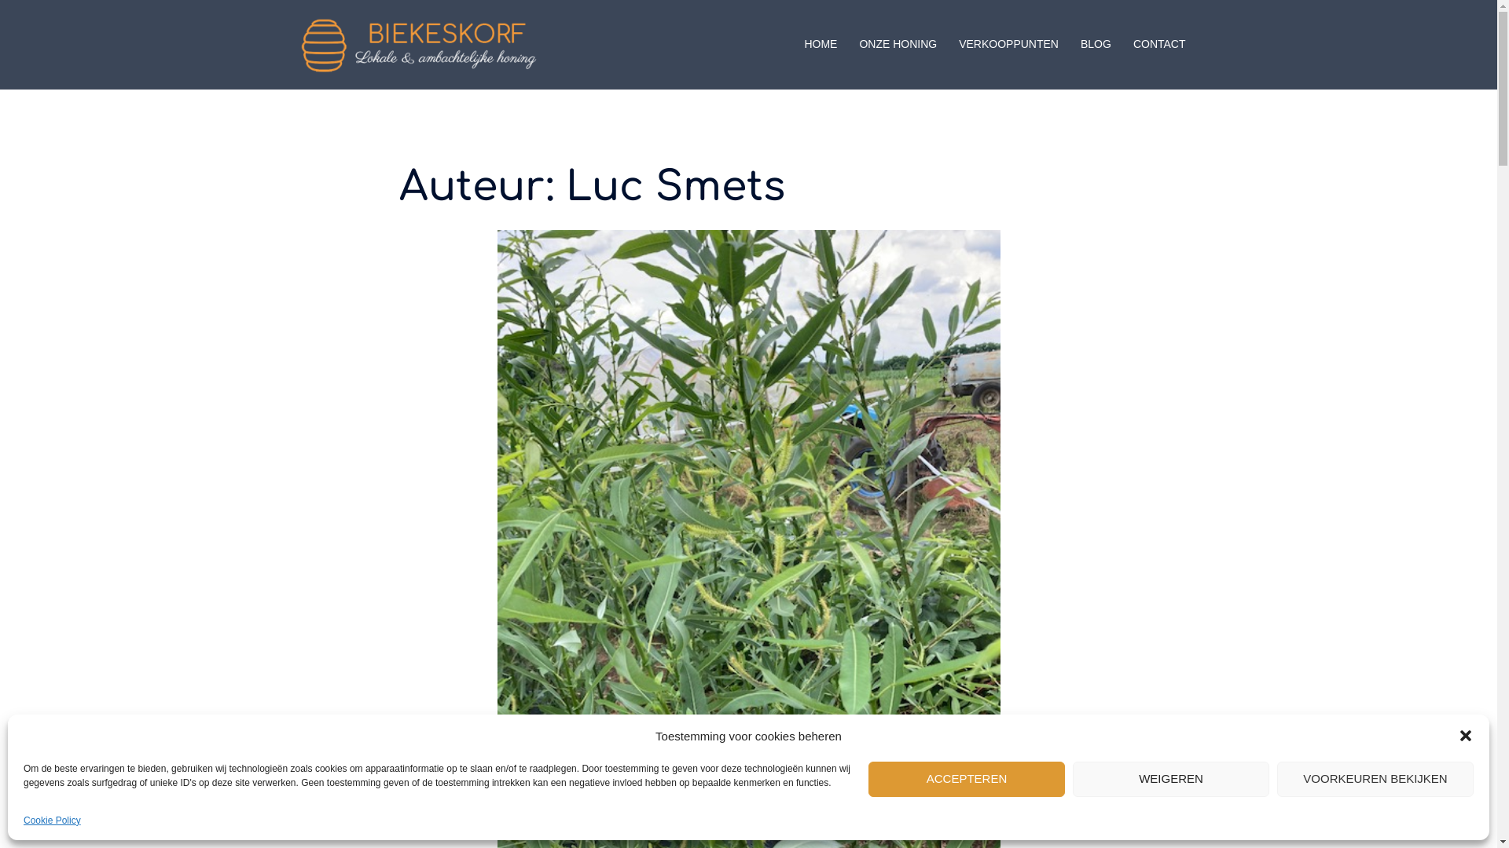 This screenshot has width=1509, height=848. I want to click on 'WEIGEREN', so click(1071, 779).